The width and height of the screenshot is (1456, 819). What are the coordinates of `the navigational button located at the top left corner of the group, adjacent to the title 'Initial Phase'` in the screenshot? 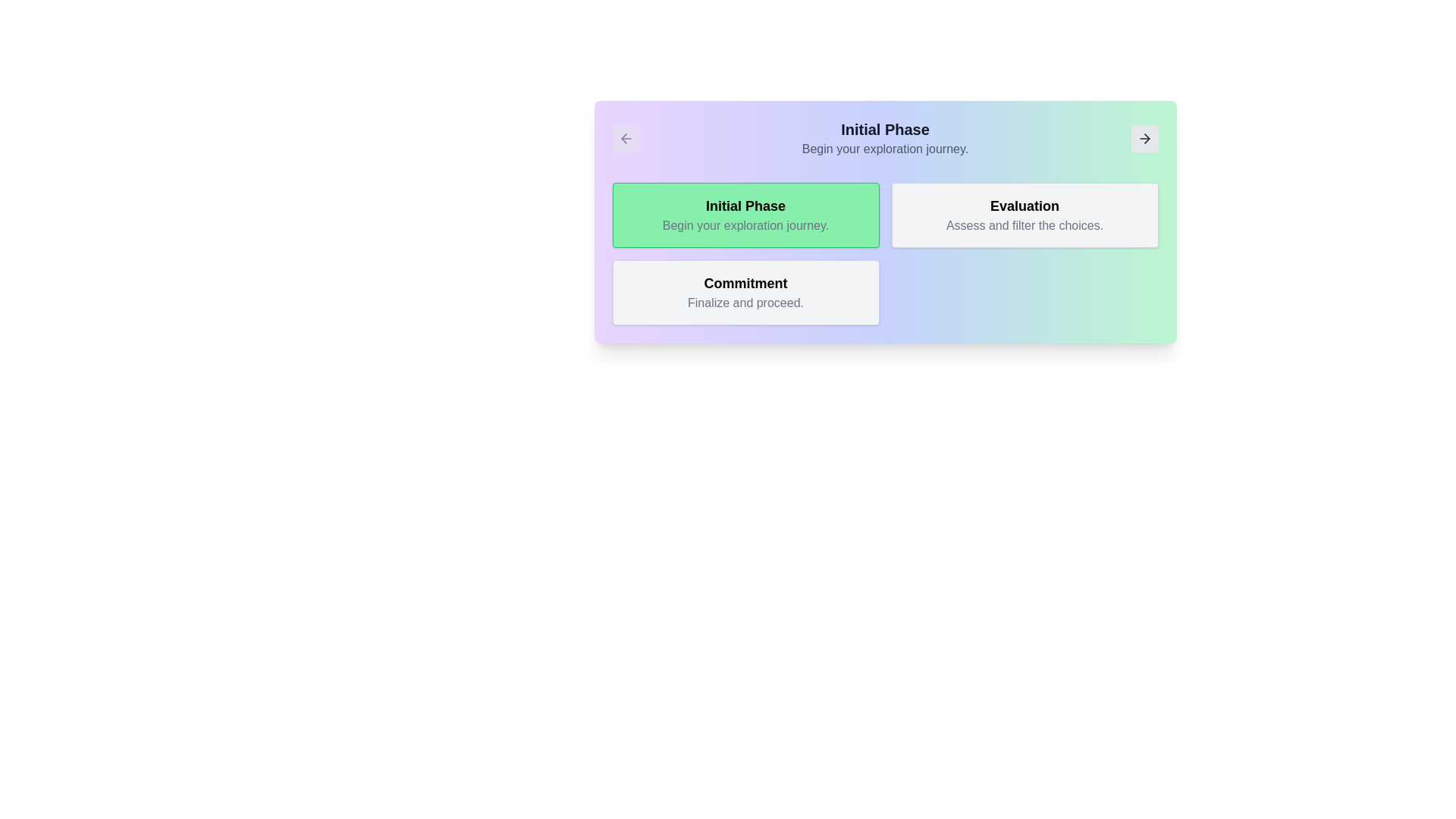 It's located at (626, 138).